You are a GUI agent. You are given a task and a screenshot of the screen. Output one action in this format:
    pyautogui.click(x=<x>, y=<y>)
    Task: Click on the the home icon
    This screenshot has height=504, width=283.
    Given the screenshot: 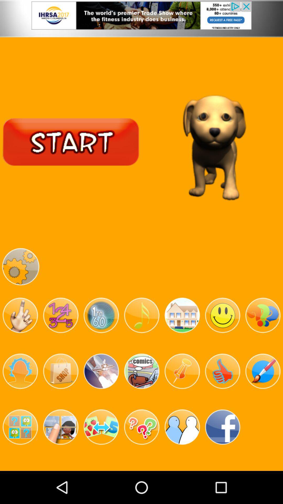 What is the action you would take?
    pyautogui.click(x=182, y=337)
    